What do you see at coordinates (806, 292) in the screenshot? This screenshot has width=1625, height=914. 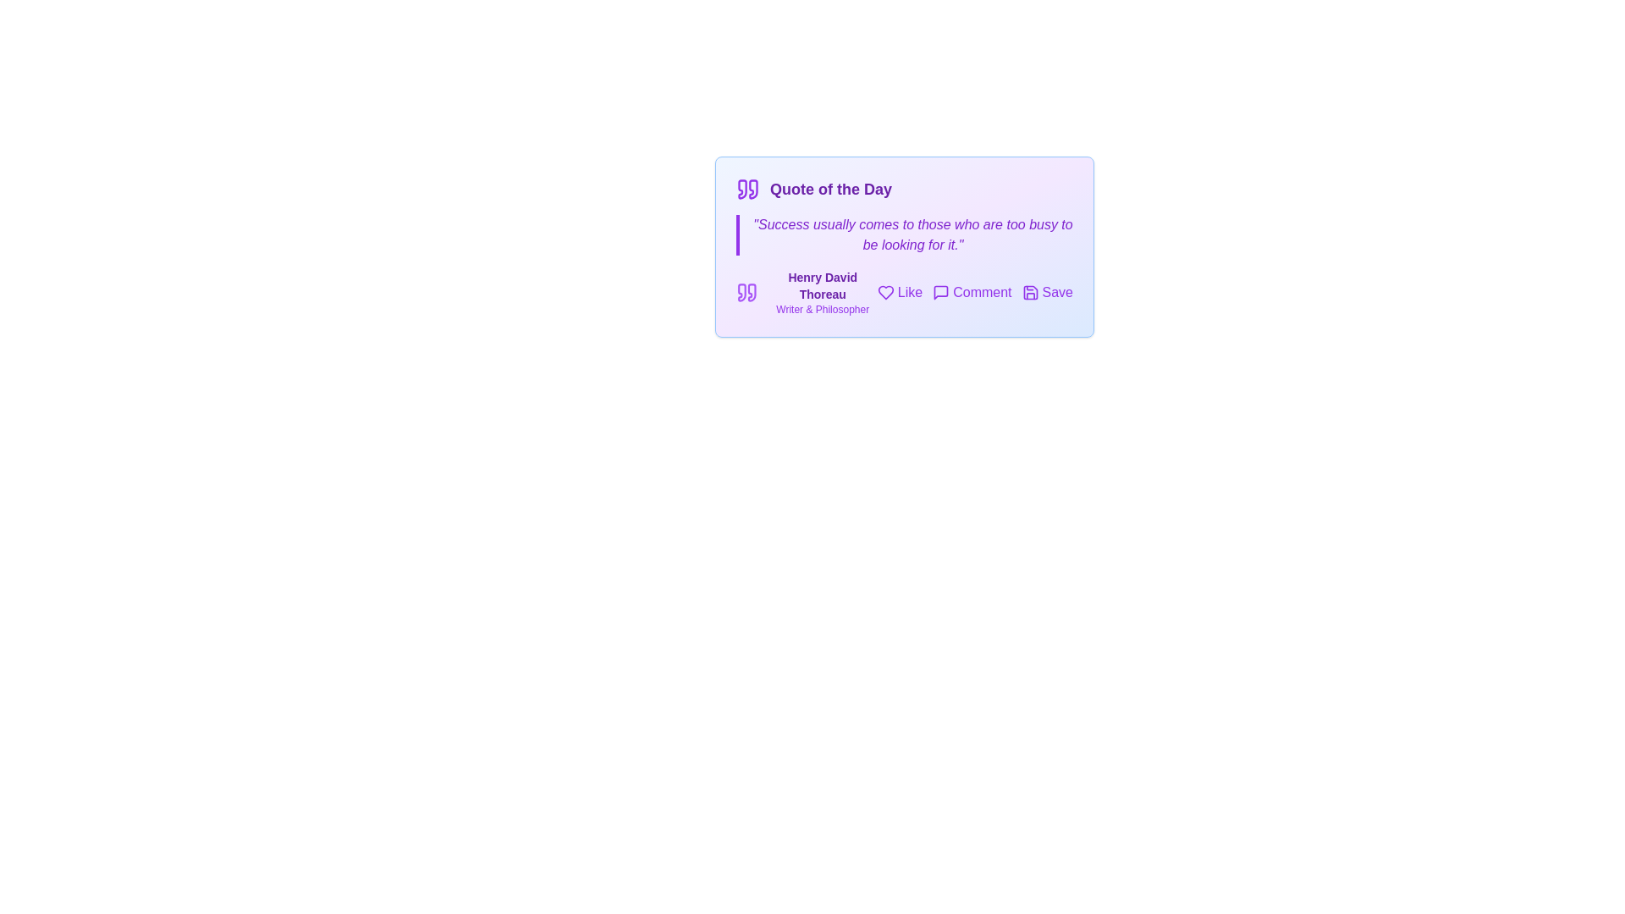 I see `the text block displaying the author or citation source of the quote, located in the lower-left portion of the 'Quote of the Day' card, below the quote text and to the left of the interaction buttons` at bounding box center [806, 292].